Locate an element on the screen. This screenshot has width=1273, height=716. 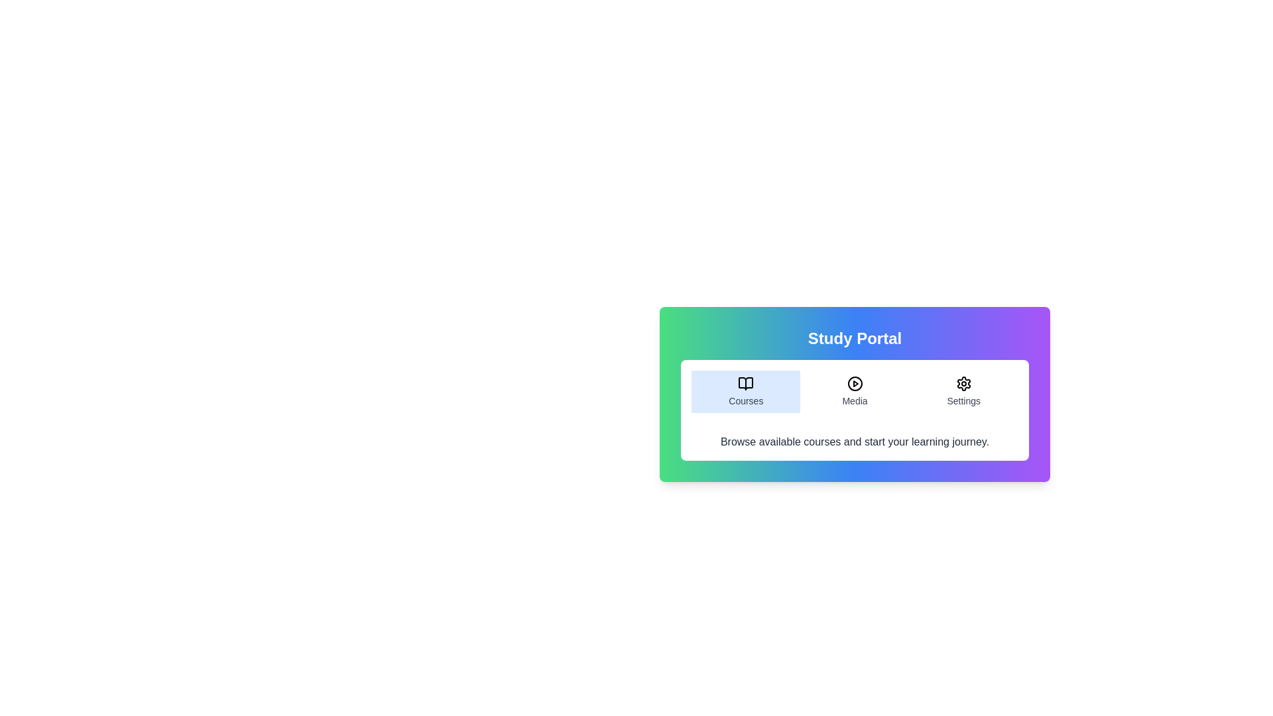
the Media tab is located at coordinates (855, 390).